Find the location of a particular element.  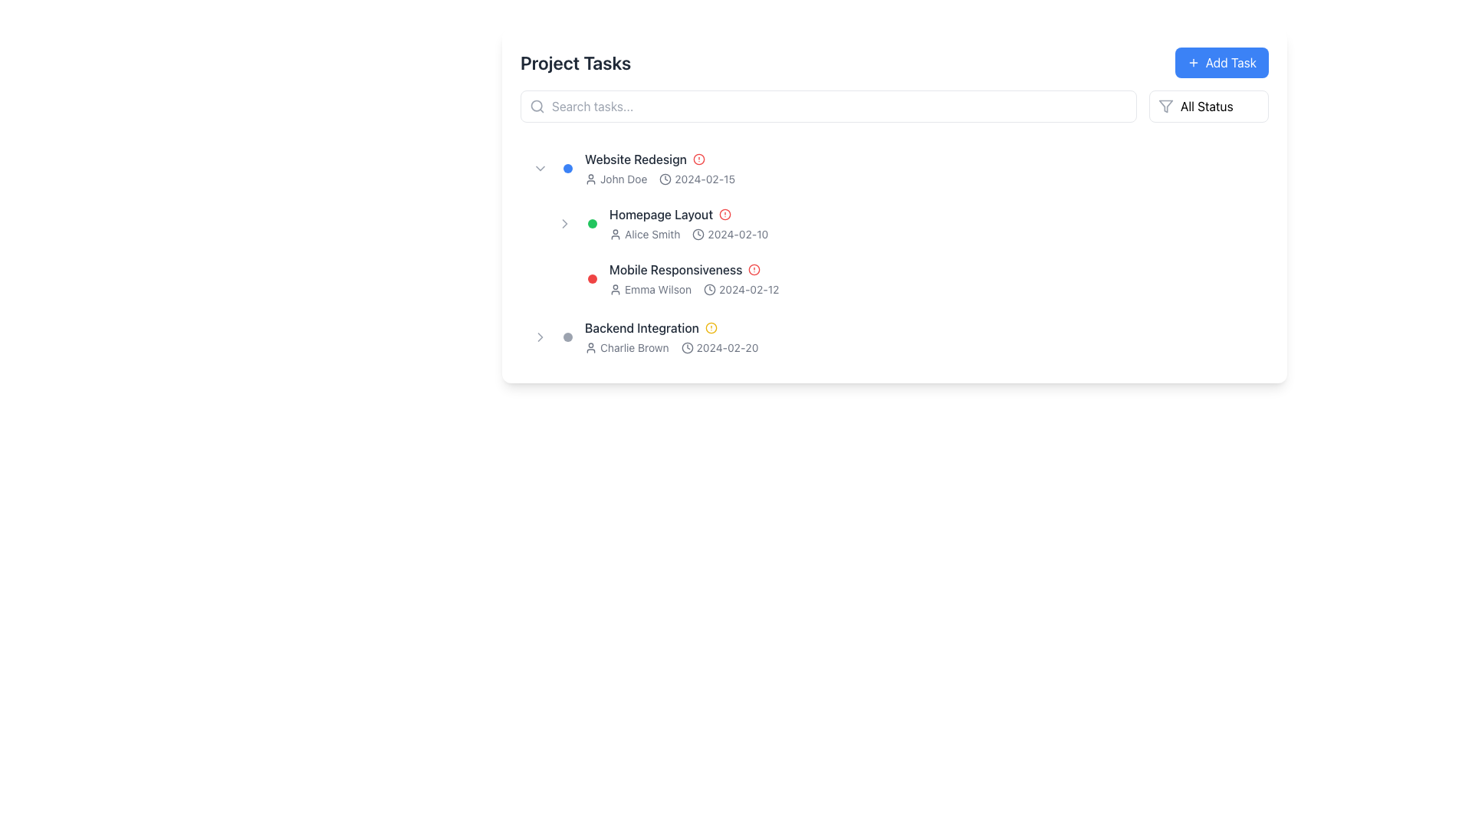

the due date label with an icon for the task 'Mobile Responsiveness' associated with 'Emma Wilson' in the task list interface is located at coordinates (741, 290).